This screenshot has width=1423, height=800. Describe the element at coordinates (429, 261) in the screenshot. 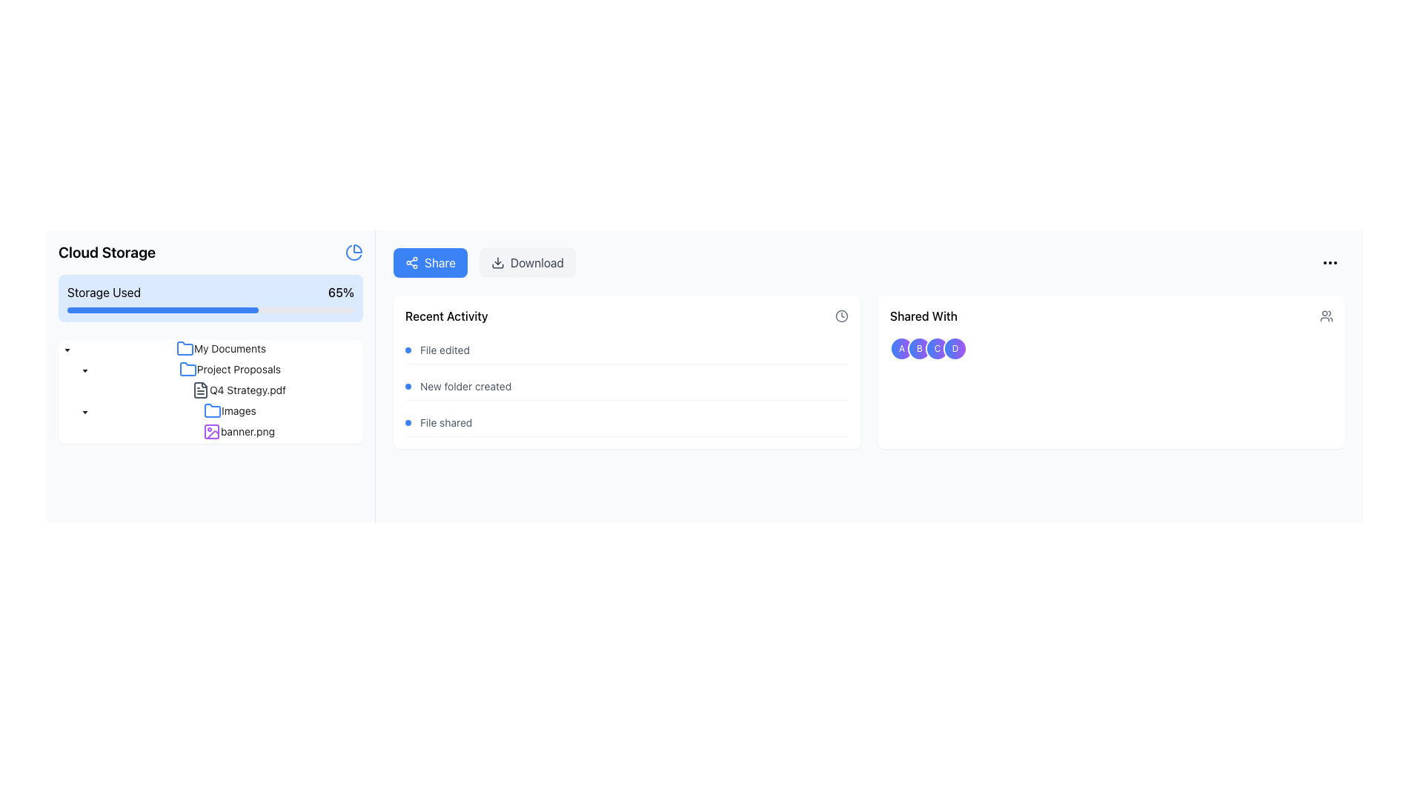

I see `the share button located immediately to the left of the 'Download' button to initiate sharing` at that location.